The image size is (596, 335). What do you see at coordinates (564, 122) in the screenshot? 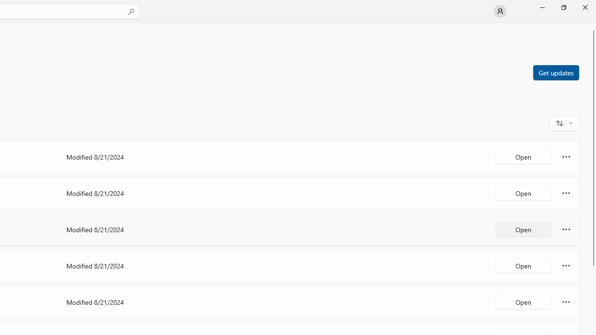
I see `'Sort and filter'` at bounding box center [564, 122].